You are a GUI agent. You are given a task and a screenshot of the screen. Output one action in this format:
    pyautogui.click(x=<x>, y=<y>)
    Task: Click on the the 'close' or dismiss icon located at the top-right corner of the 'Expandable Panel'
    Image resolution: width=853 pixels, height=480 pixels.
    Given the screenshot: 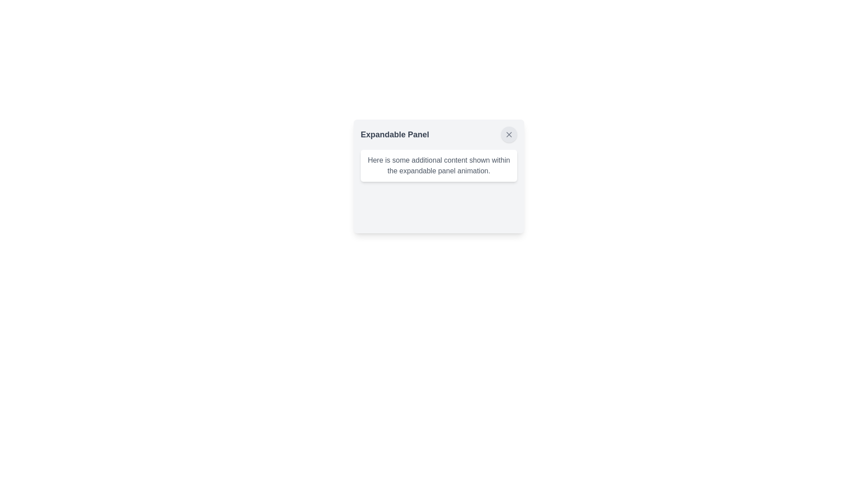 What is the action you would take?
    pyautogui.click(x=509, y=135)
    